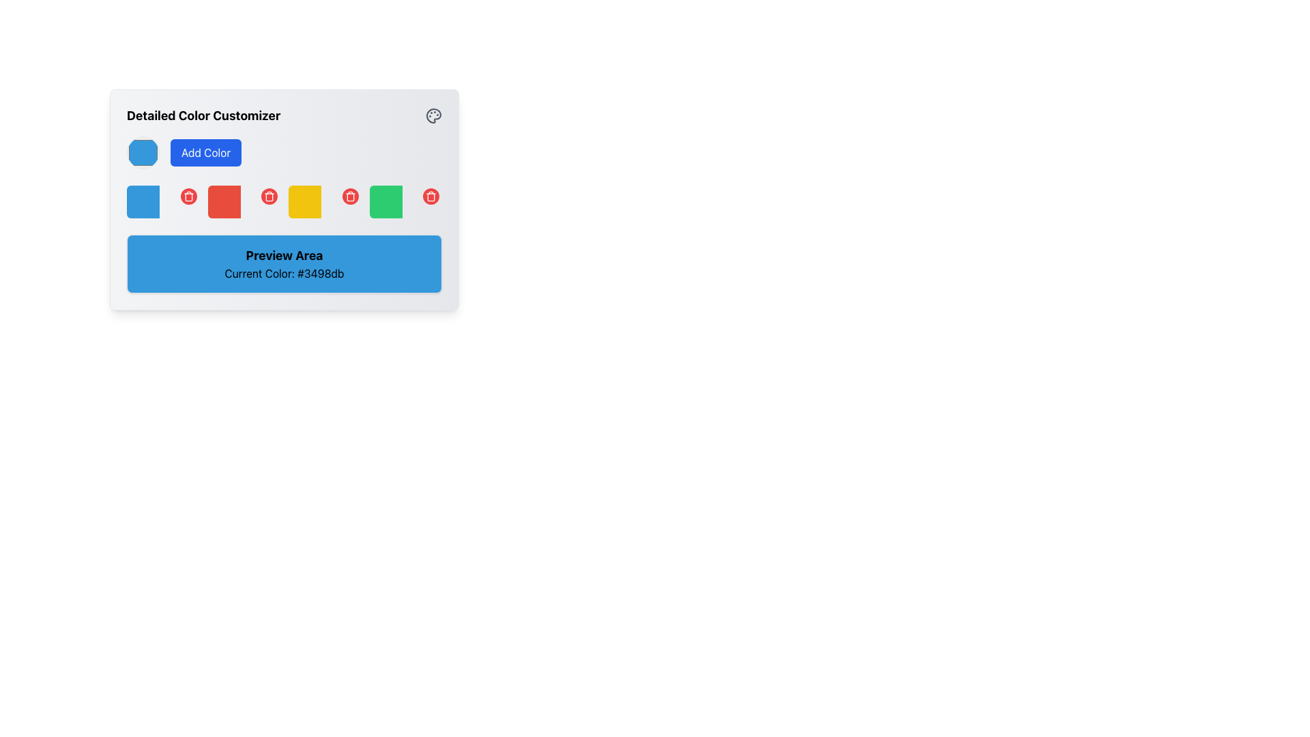 The image size is (1310, 737). I want to click on the first blue button in the series of color buttons located below the 'Add Color' button for keyboard navigation, so click(143, 202).